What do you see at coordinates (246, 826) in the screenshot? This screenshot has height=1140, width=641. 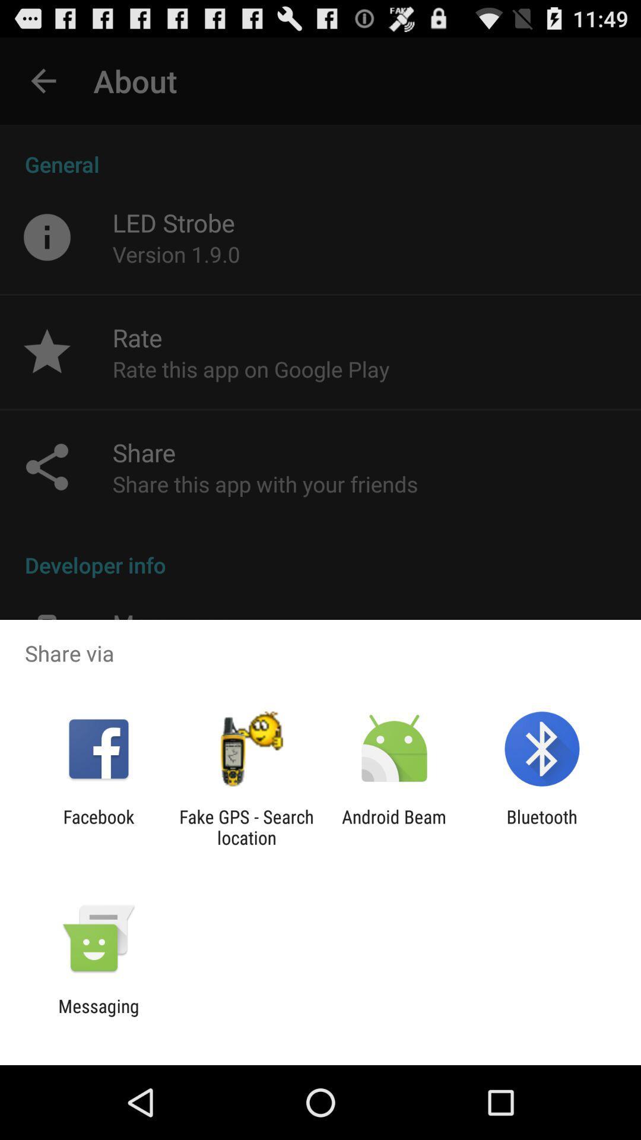 I see `app to the right of the facebook icon` at bounding box center [246, 826].